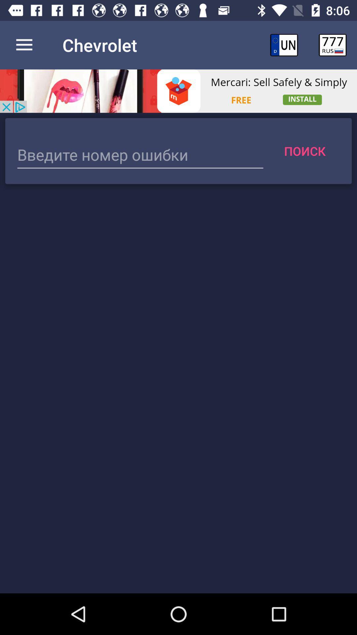 This screenshot has width=357, height=635. What do you see at coordinates (178, 91) in the screenshot?
I see `advertiser` at bounding box center [178, 91].